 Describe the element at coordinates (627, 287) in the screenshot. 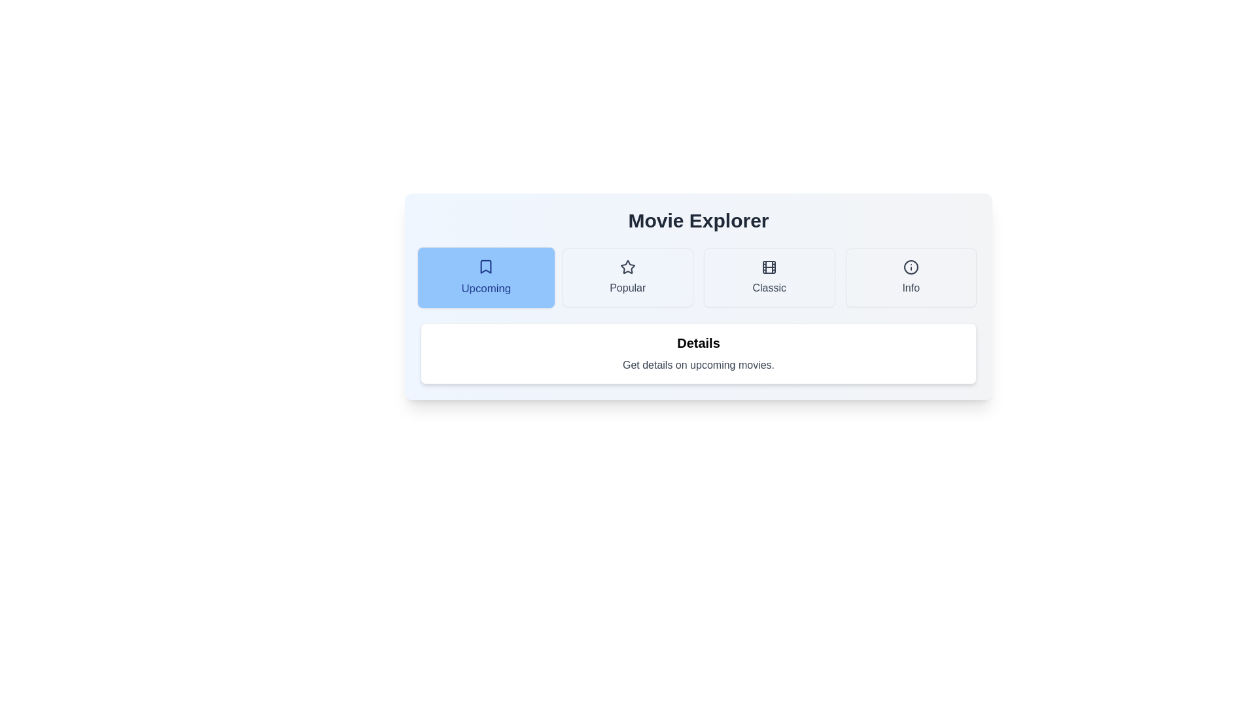

I see `the 'Popular' label, which indicates a category or option positioned below the star icon in the second option of a horizontally aligned set of interactive sections` at that location.